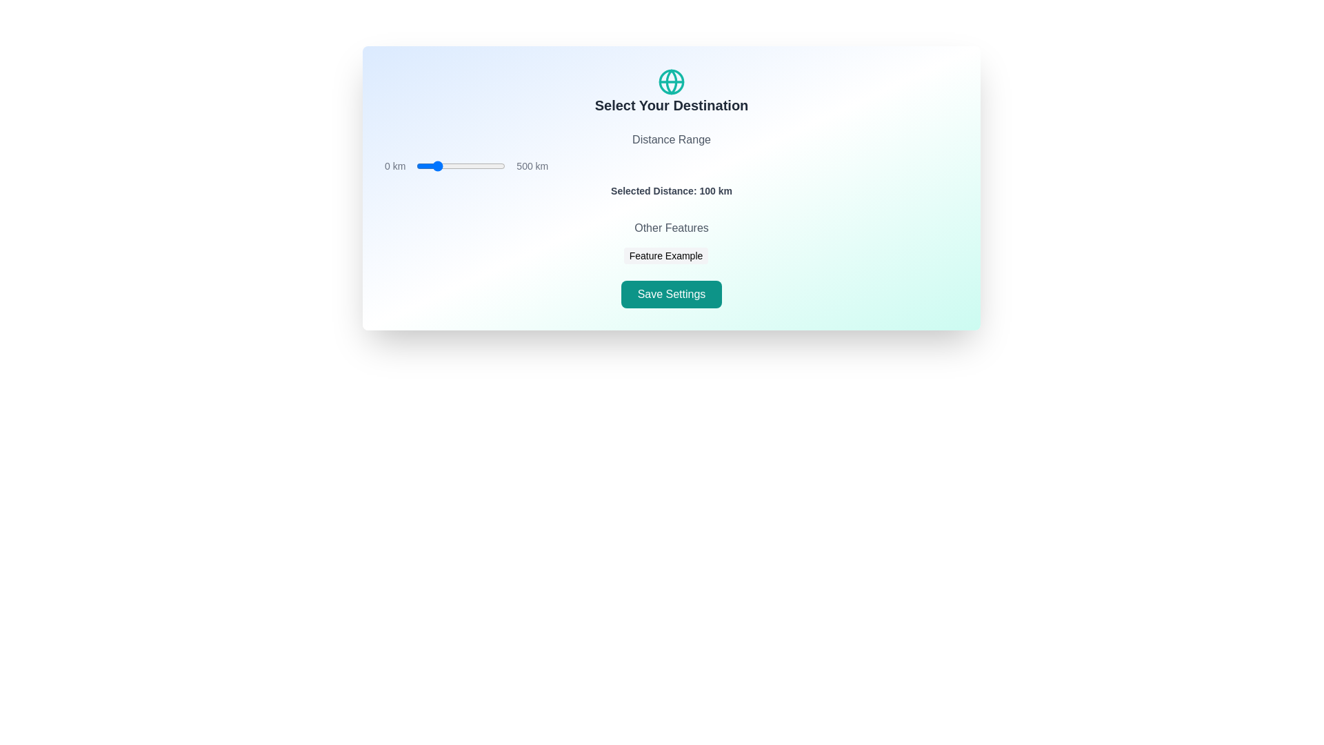 Image resolution: width=1324 pixels, height=745 pixels. What do you see at coordinates (438, 165) in the screenshot?
I see `the distance range slider to set the distance to 123 km` at bounding box center [438, 165].